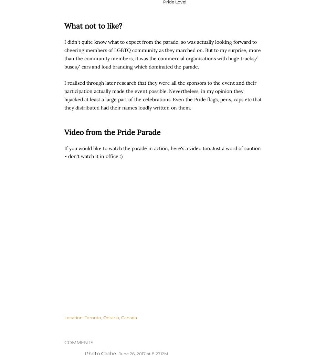  What do you see at coordinates (100, 354) in the screenshot?
I see `'Photo Cache'` at bounding box center [100, 354].